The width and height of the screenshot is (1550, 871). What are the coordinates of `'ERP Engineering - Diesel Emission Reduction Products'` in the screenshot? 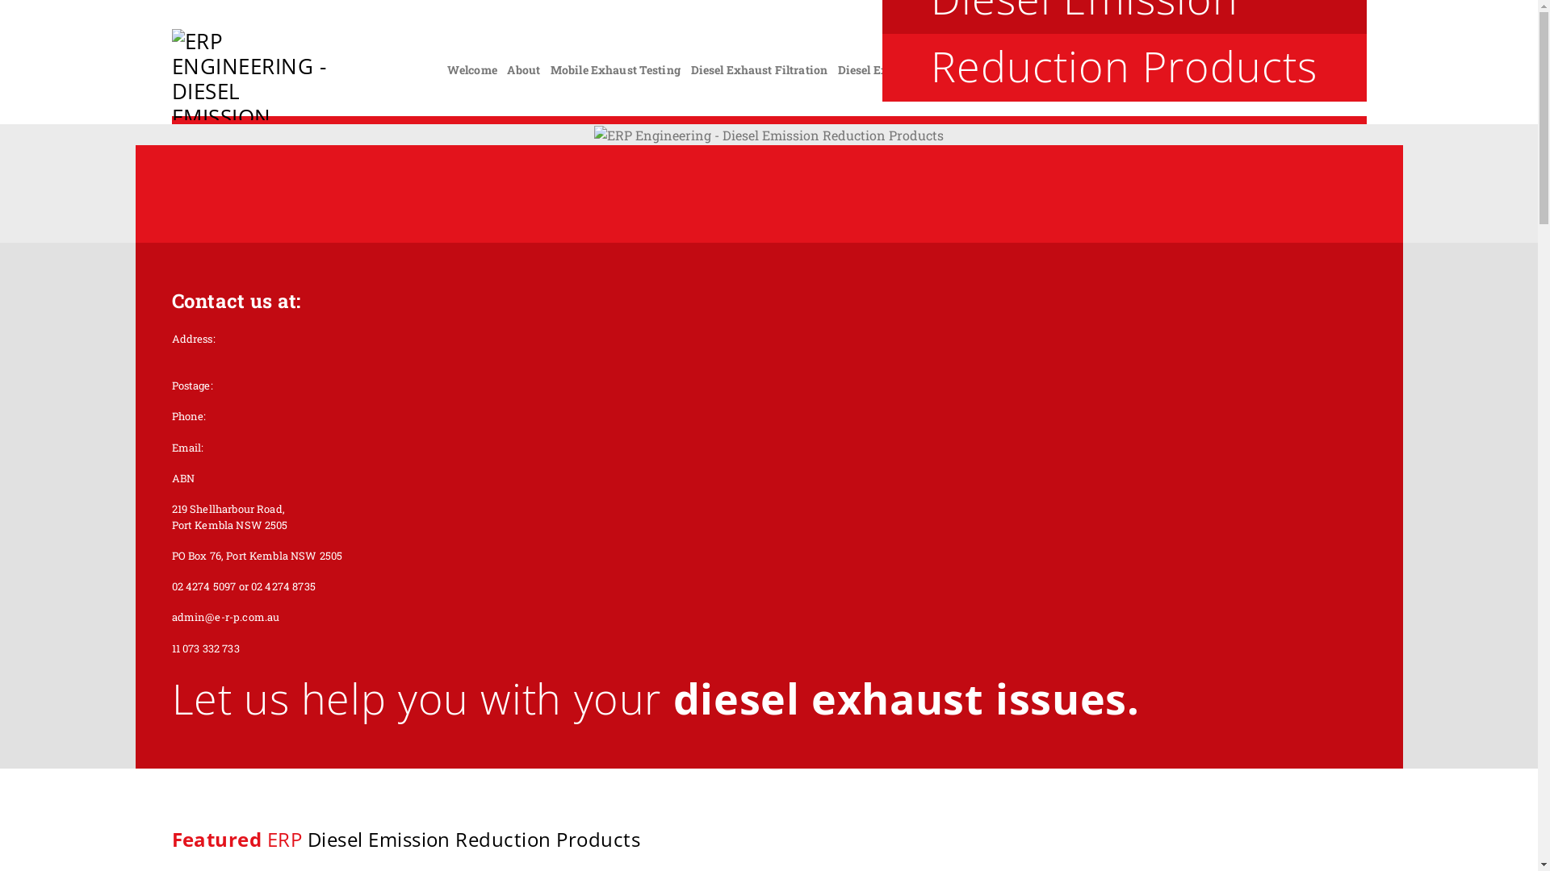 It's located at (252, 74).